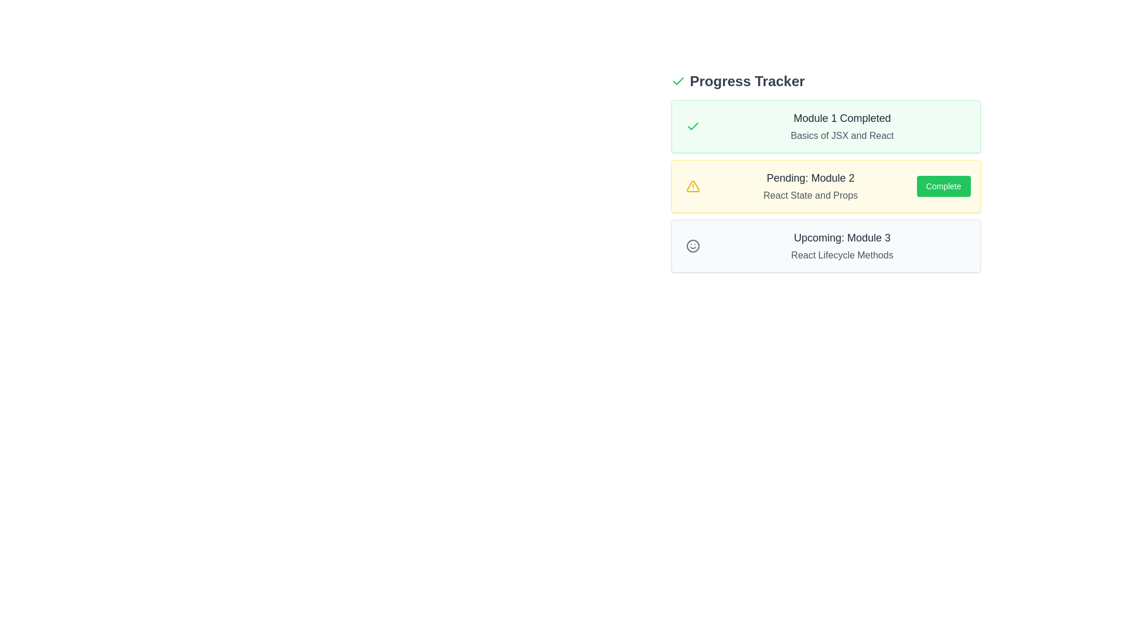 The height and width of the screenshot is (633, 1125). Describe the element at coordinates (693, 246) in the screenshot. I see `the smiley face icon located in the 'Progress Tracker' section, specifically in the row titled 'Upcoming: Module 3', which is positioned to the left of the text 'React Lifecycle Methods'` at that location.